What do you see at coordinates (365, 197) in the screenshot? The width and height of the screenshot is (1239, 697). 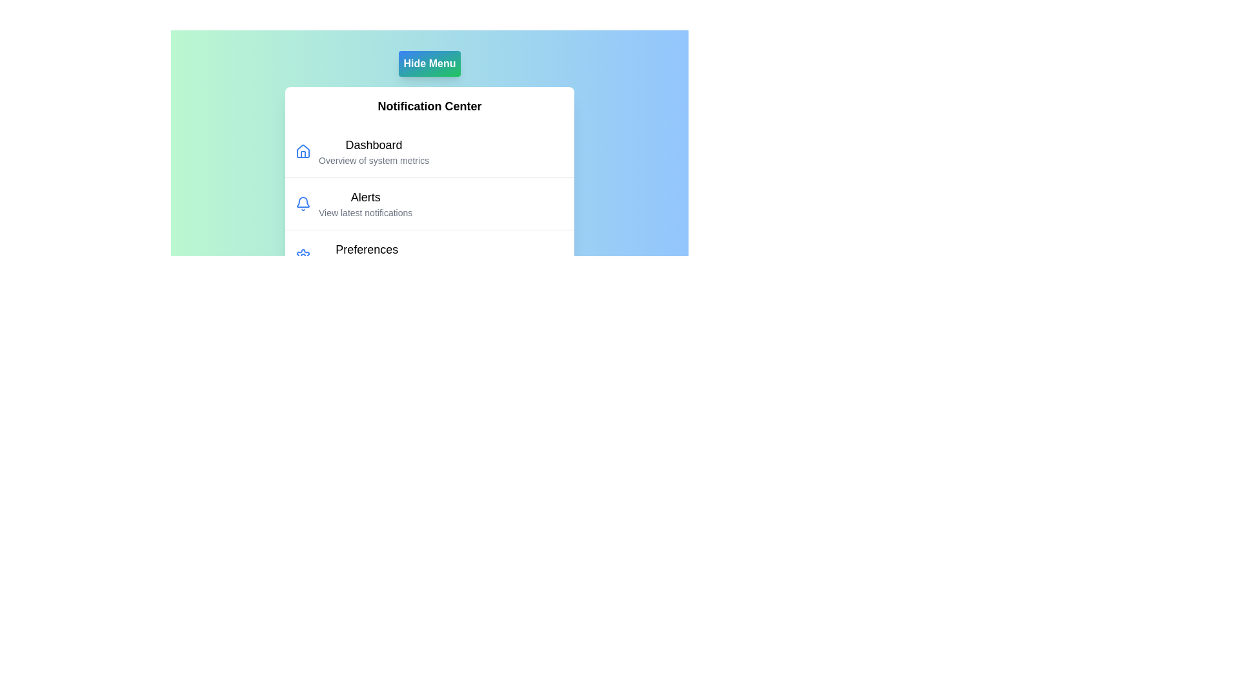 I see `the menu item labeled Alerts in the NotificationMenu` at bounding box center [365, 197].